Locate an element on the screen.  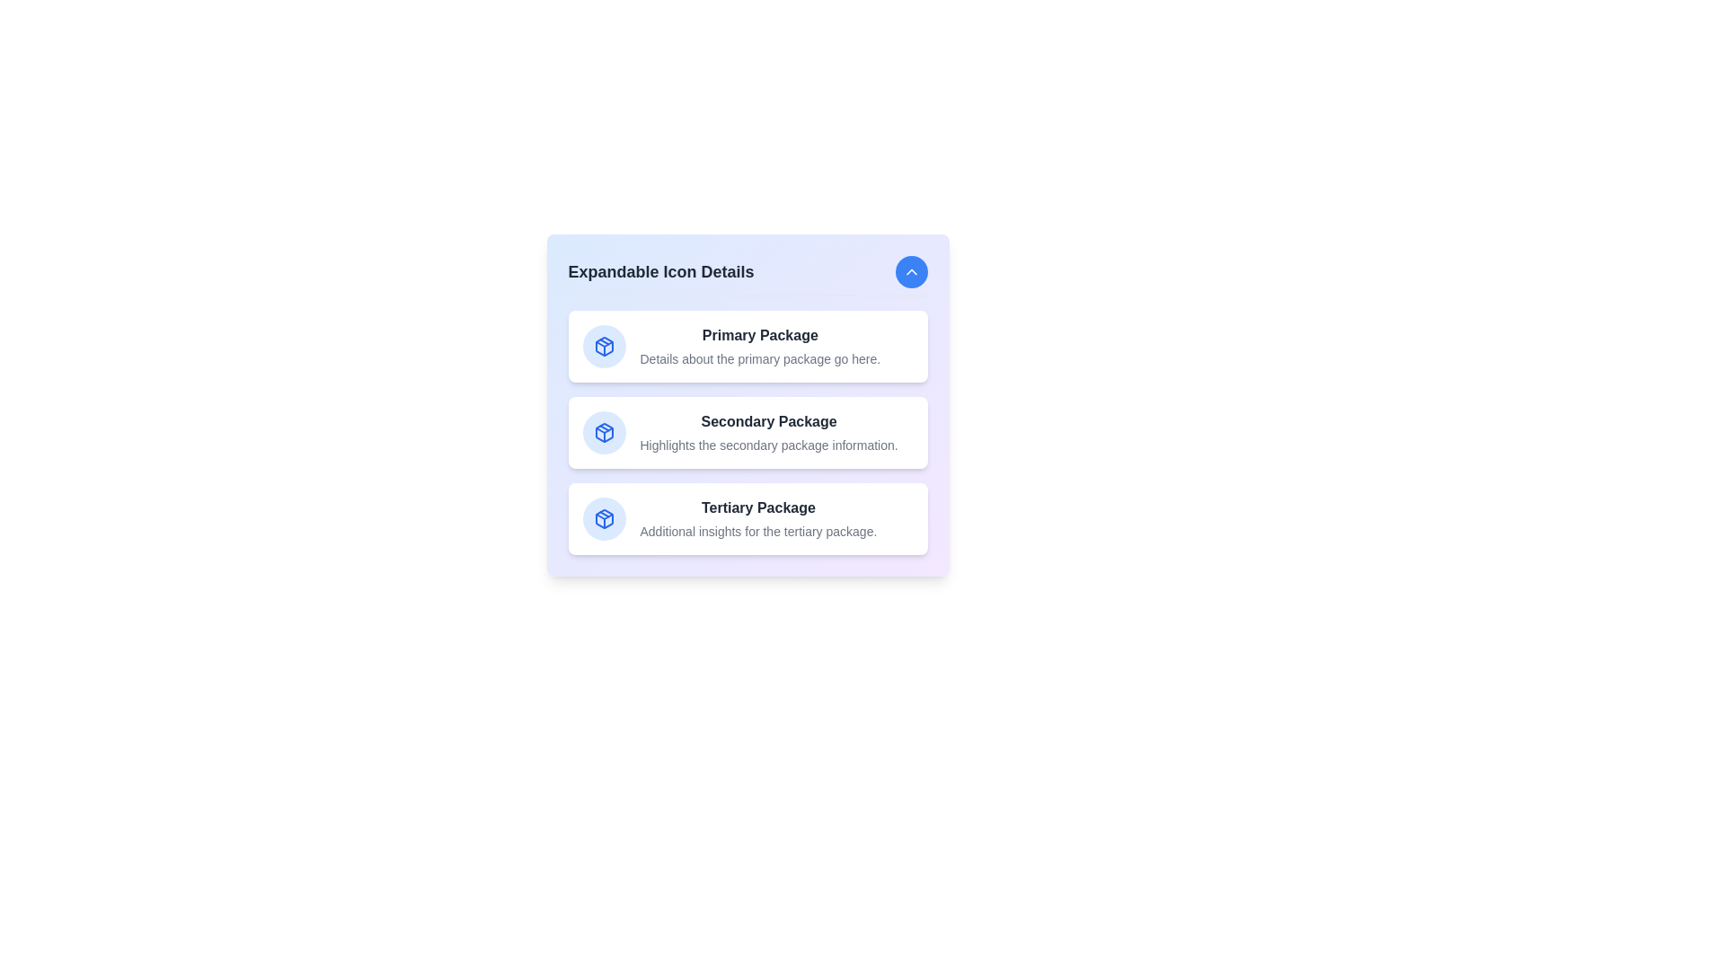
the upward chevron icon button located at the upper-right corner of the 'Expandable Icon Details' card is located at coordinates (911, 272).